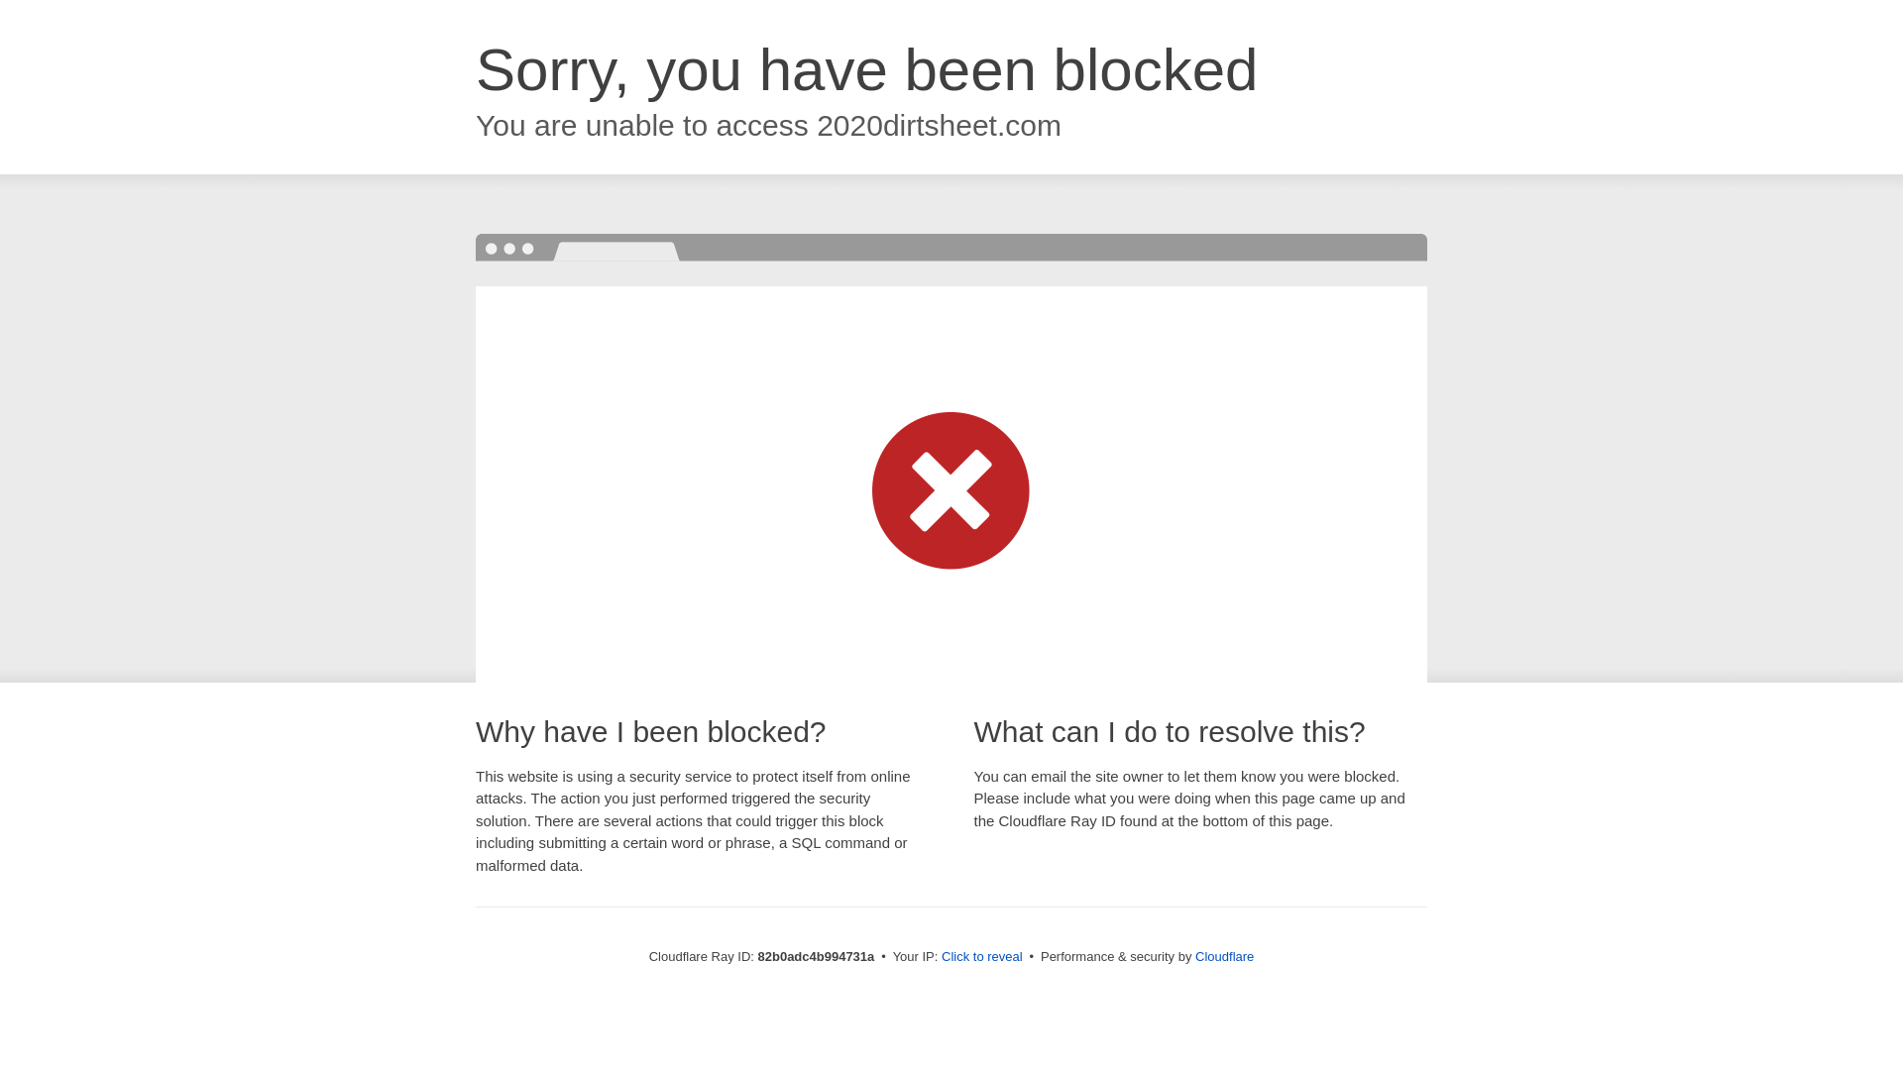 The width and height of the screenshot is (1903, 1070). What do you see at coordinates (1193, 955) in the screenshot?
I see `'Cloudflare'` at bounding box center [1193, 955].